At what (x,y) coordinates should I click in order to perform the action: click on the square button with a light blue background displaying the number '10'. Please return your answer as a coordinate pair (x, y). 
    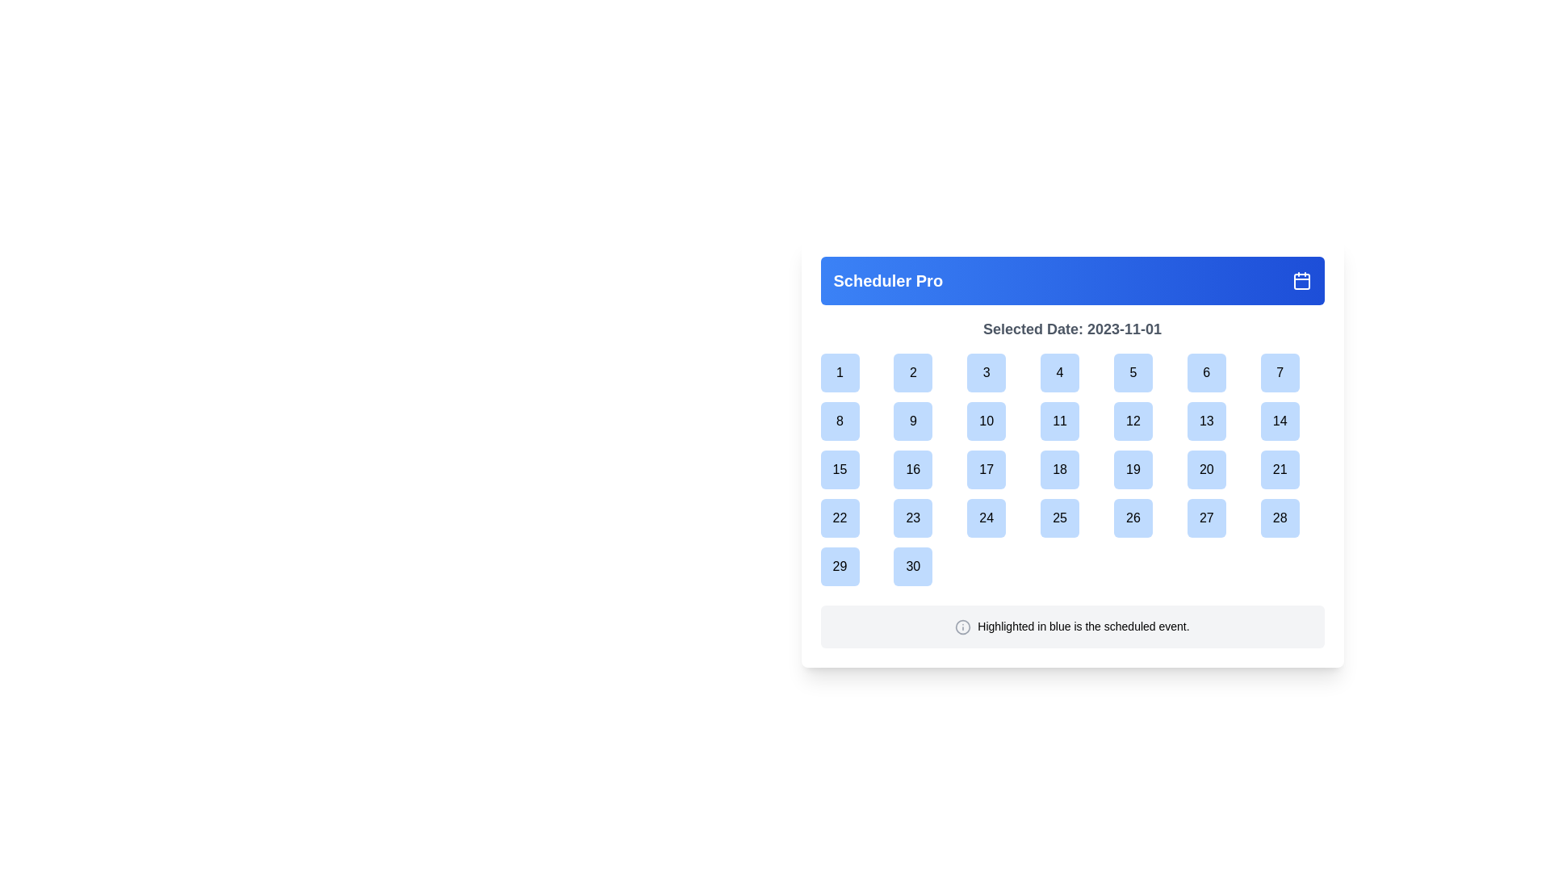
    Looking at the image, I should click on (986, 420).